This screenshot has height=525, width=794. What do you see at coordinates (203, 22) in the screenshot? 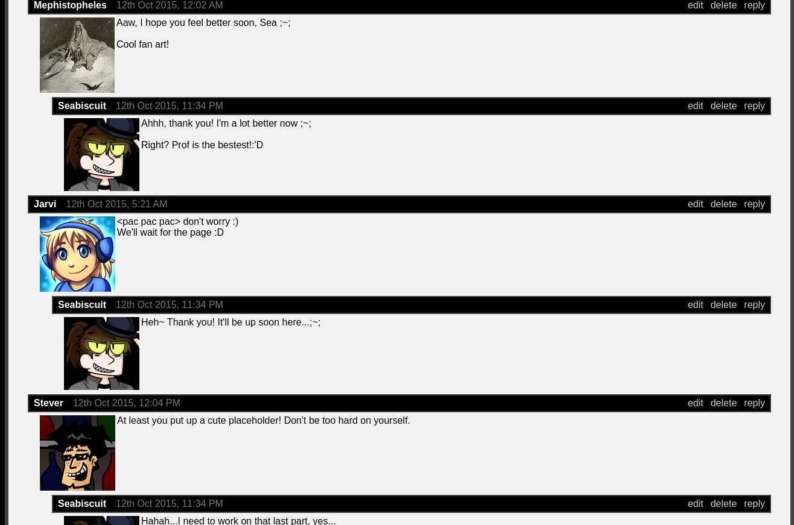
I see `'Aaw, I hope you feel better soon, Sea ;~;'` at bounding box center [203, 22].